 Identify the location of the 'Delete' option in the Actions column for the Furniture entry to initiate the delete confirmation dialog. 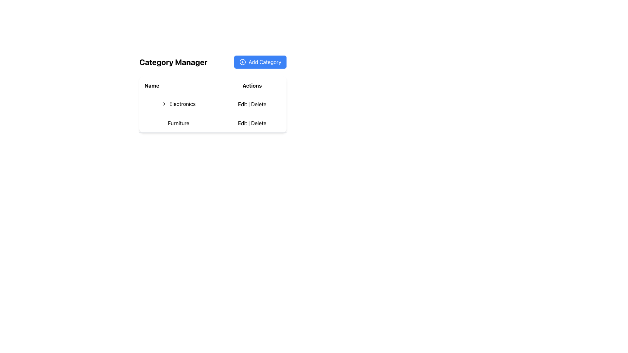
(252, 123).